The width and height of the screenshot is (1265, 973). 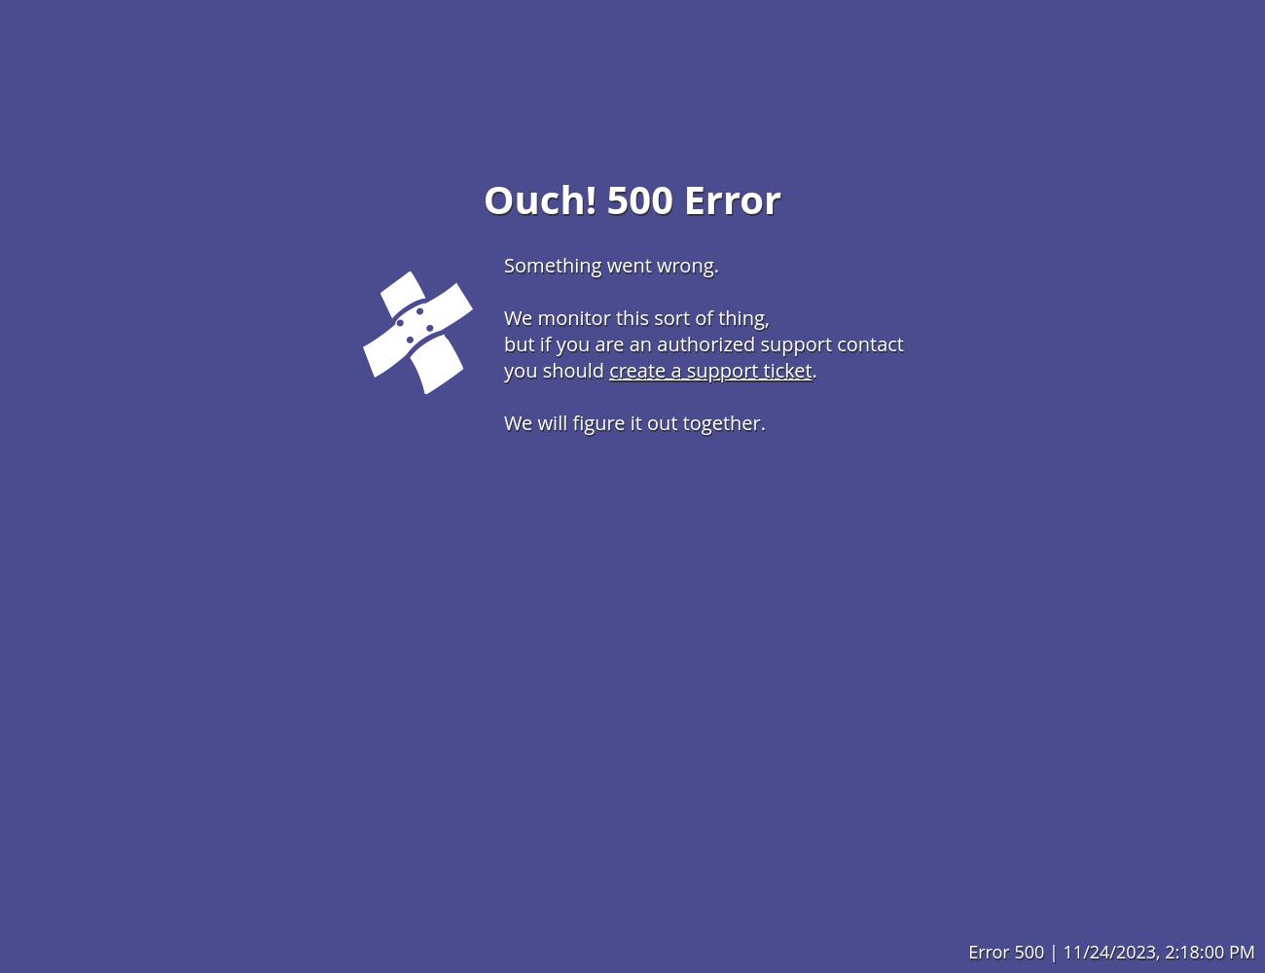 I want to click on 'Error 500 |', so click(x=1015, y=951).